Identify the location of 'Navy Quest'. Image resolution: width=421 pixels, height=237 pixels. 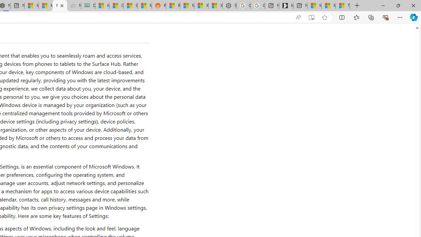
(74, 6).